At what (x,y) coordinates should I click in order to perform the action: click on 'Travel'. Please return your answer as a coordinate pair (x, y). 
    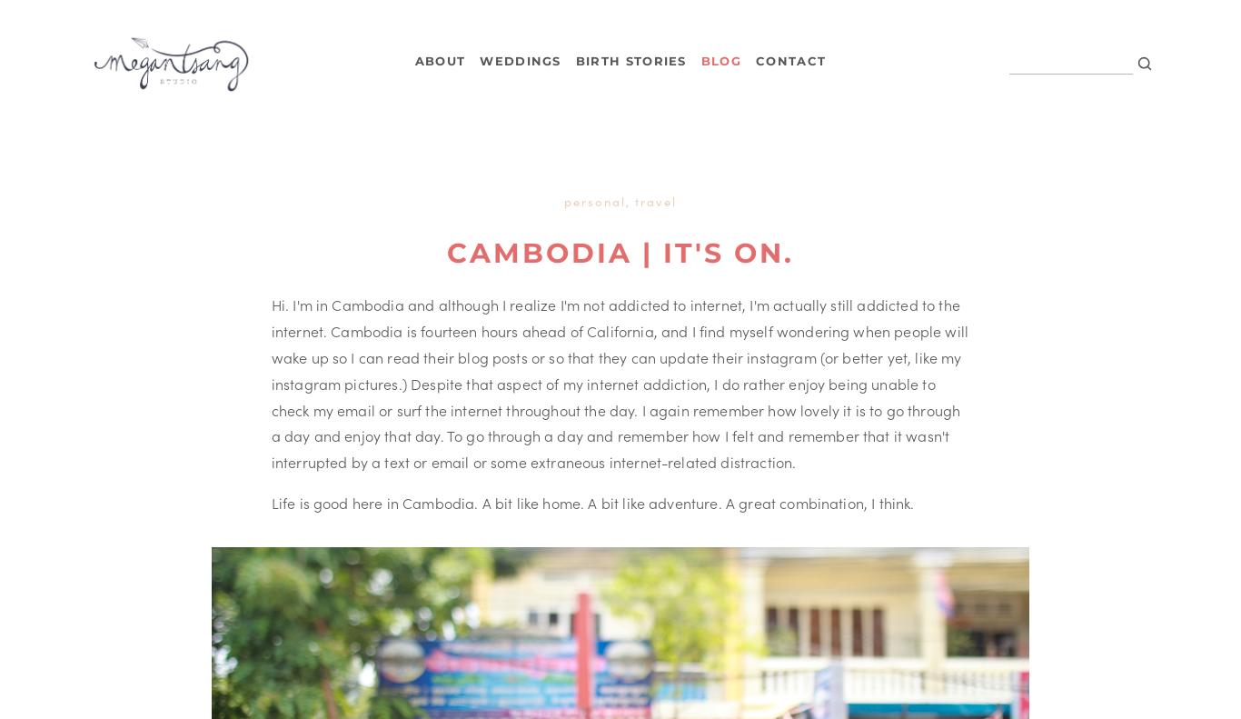
    Looking at the image, I should click on (654, 200).